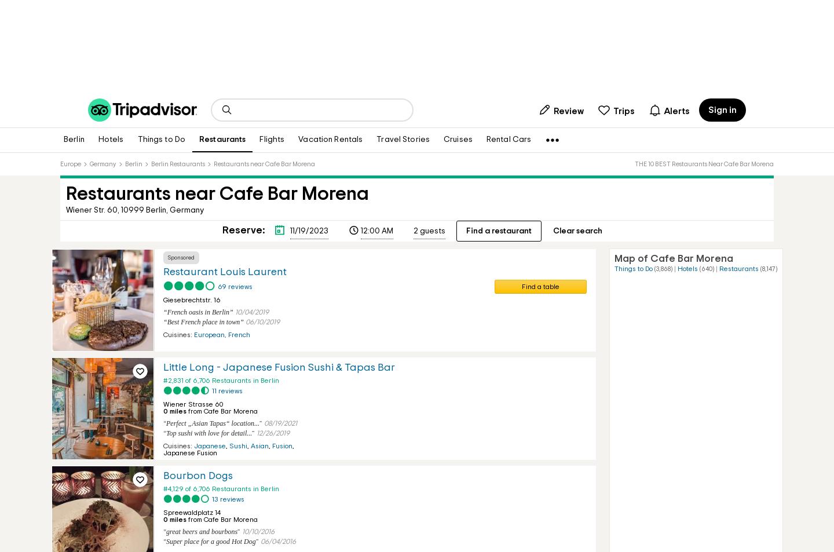 This screenshot has width=834, height=552. What do you see at coordinates (224, 272) in the screenshot?
I see `'Restaurant Louis Laurent'` at bounding box center [224, 272].